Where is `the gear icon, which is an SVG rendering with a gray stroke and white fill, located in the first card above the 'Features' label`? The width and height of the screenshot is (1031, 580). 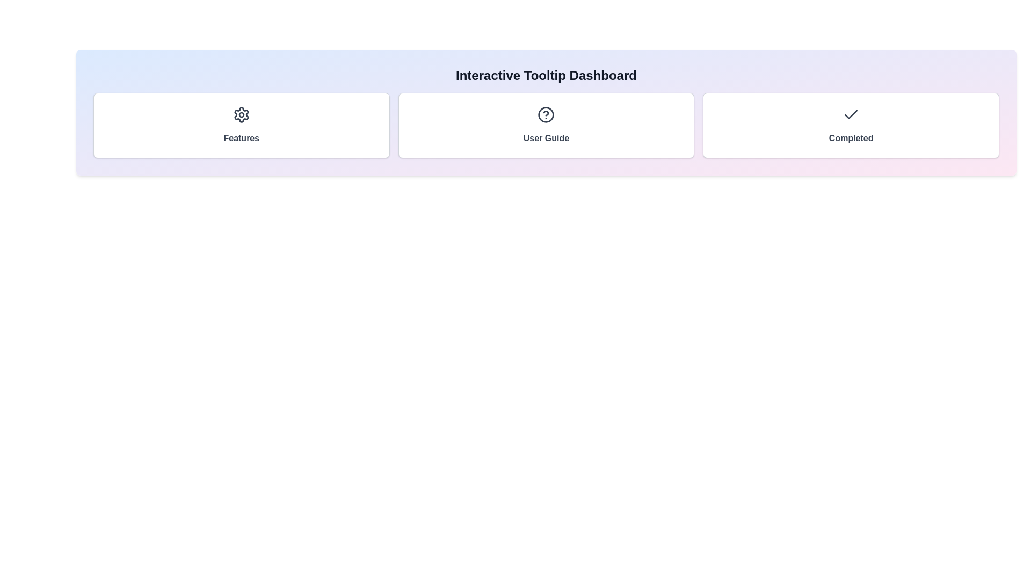 the gear icon, which is an SVG rendering with a gray stroke and white fill, located in the first card above the 'Features' label is located at coordinates (241, 114).